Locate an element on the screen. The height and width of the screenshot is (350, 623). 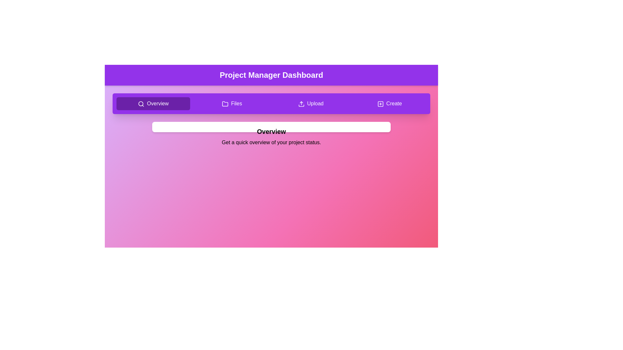
the navigation button labeled Overview is located at coordinates (153, 103).